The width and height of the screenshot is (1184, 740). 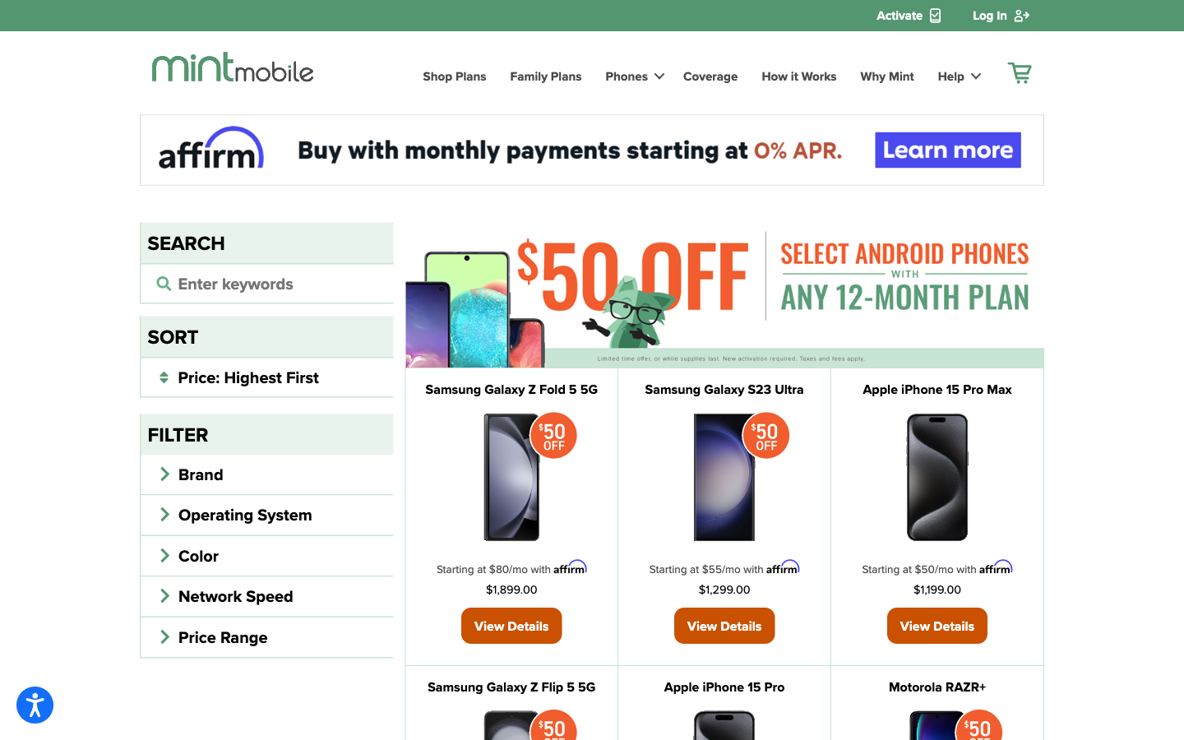 What do you see at coordinates (937, 623) in the screenshot?
I see `Review the specifications of Apple iPhone 15 Pro Max` at bounding box center [937, 623].